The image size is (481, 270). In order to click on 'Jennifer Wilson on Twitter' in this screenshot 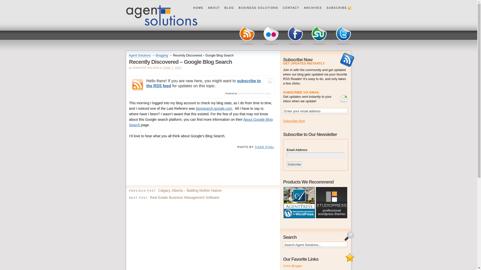, I will do `click(343, 35)`.